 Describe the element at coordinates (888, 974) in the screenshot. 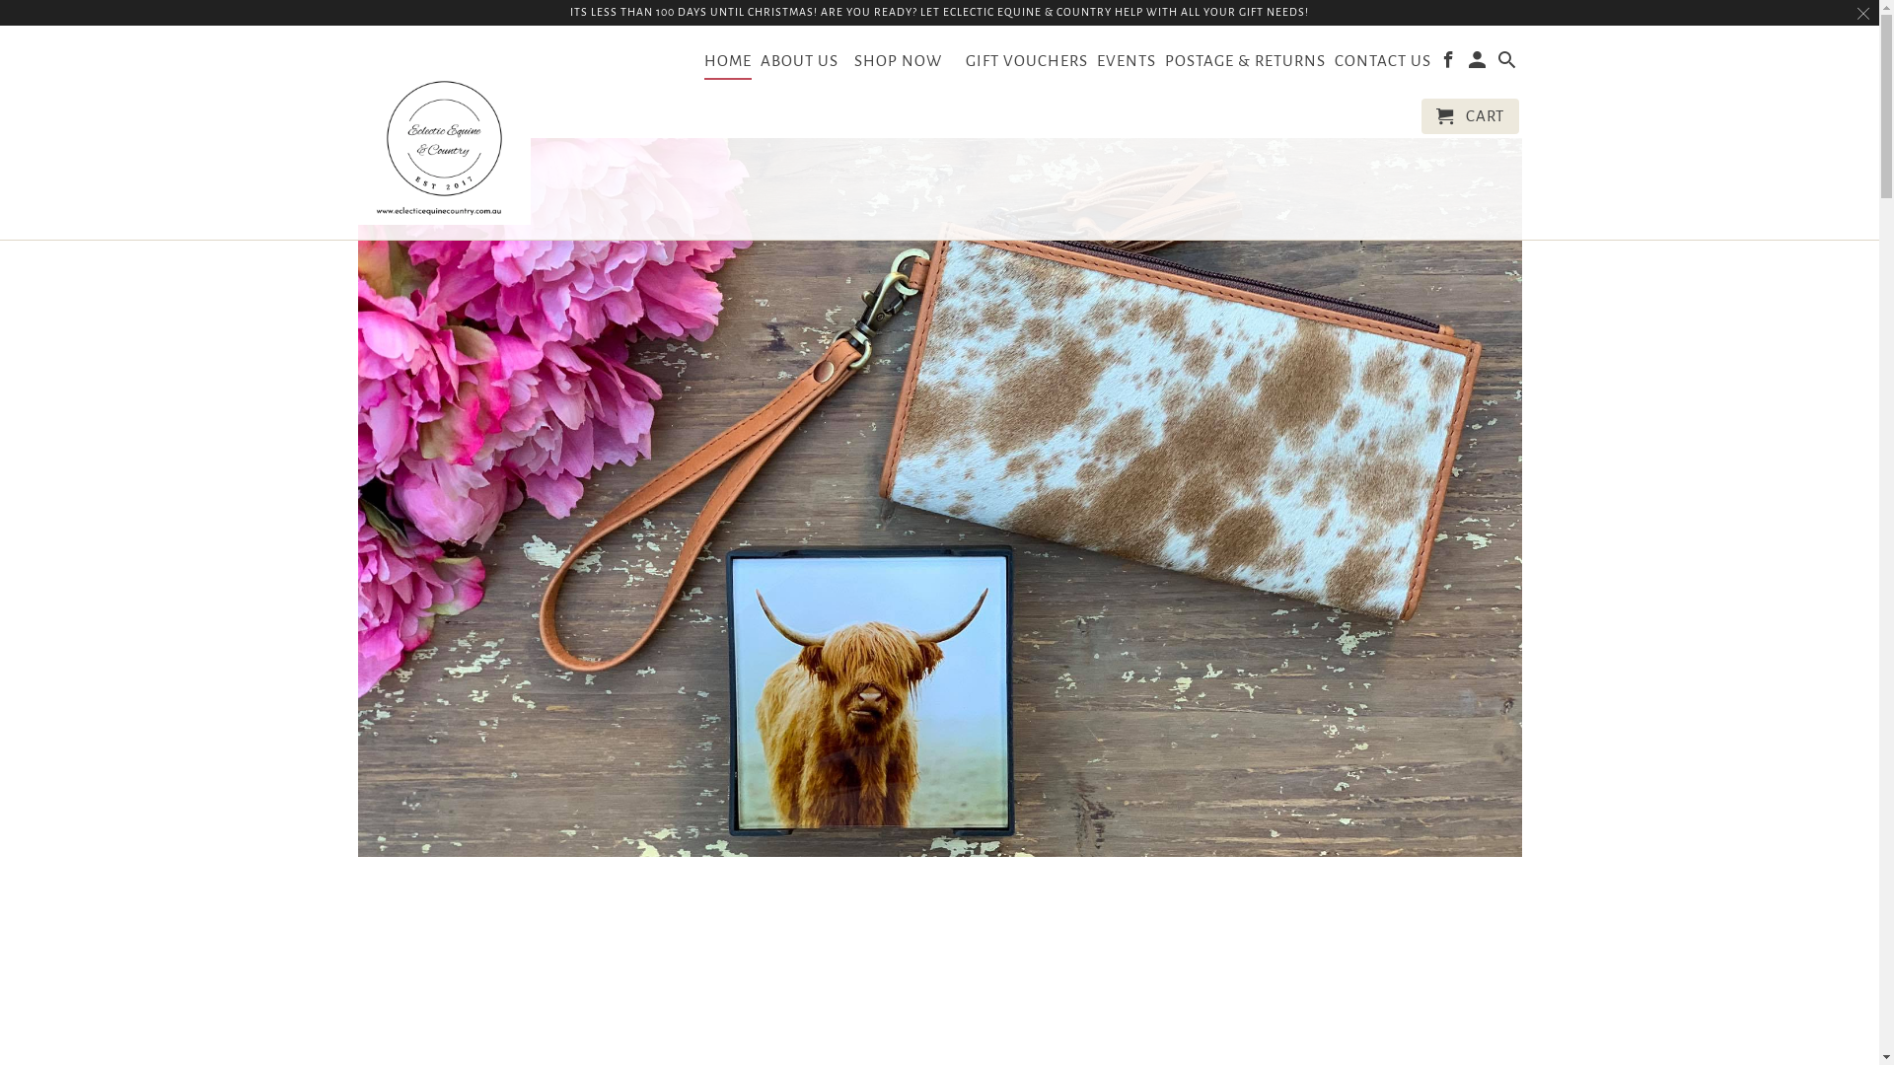

I see `'1'` at that location.